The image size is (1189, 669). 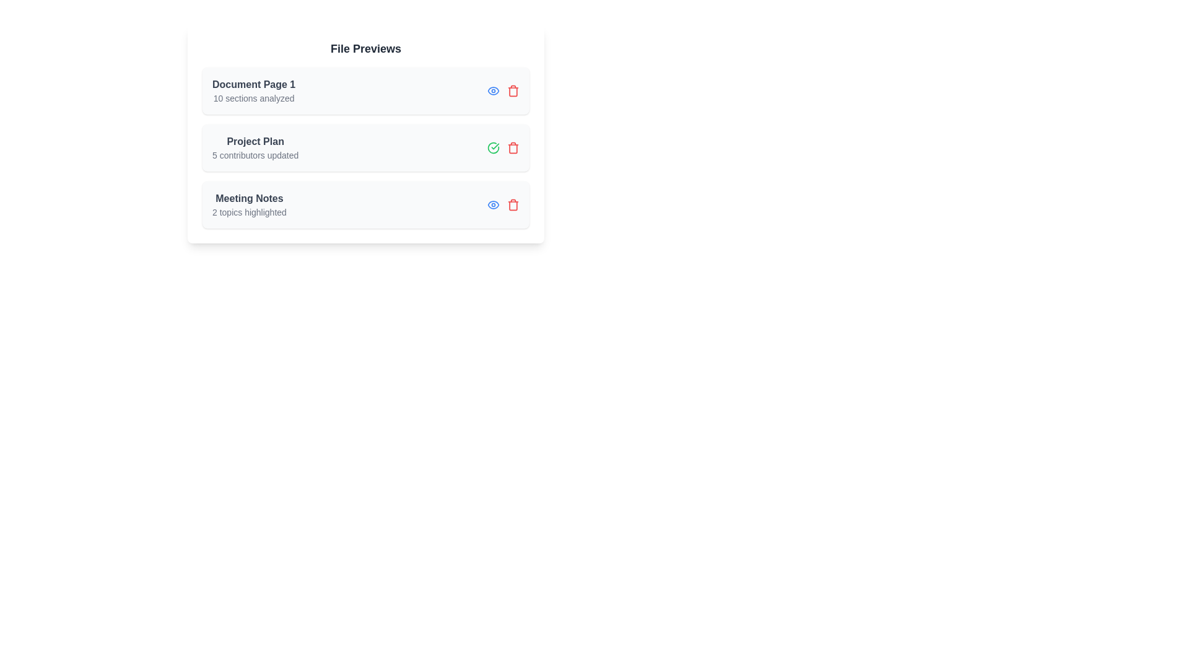 What do you see at coordinates (513, 147) in the screenshot?
I see `trash icon for the item titled 'Project Plan'` at bounding box center [513, 147].